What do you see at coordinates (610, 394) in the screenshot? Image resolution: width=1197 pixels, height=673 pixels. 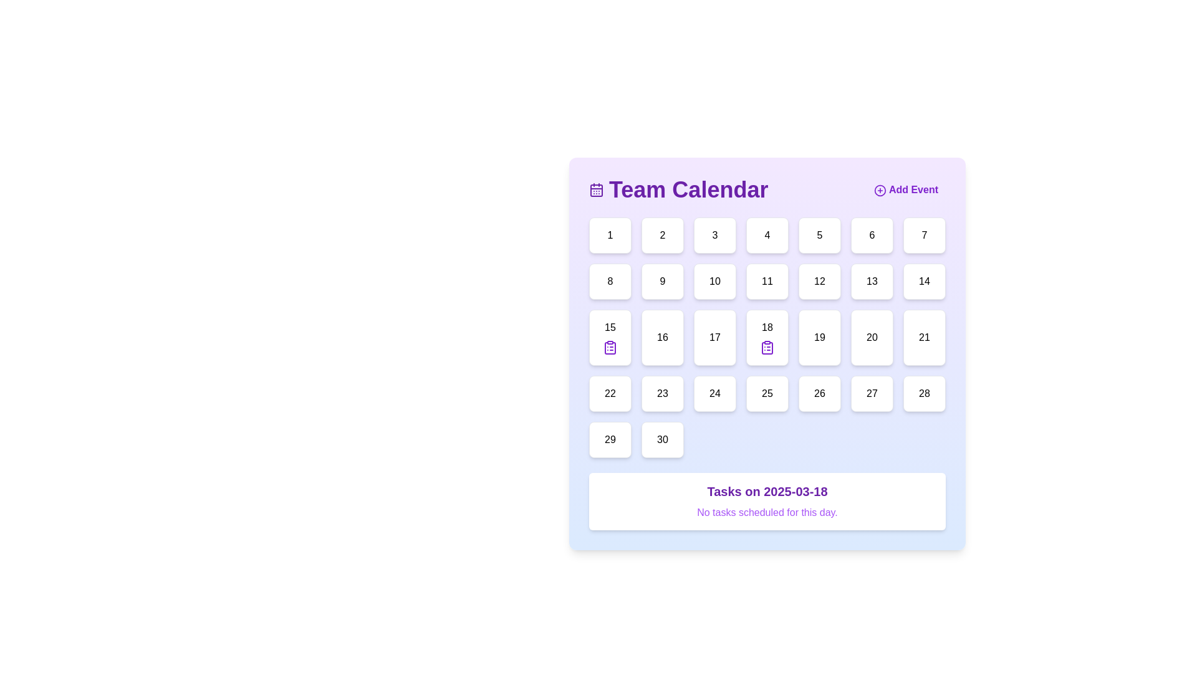 I see `the date button displaying '22' in the calendar view` at bounding box center [610, 394].